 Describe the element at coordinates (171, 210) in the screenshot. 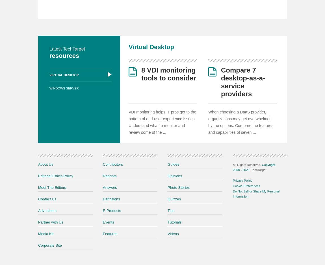

I see `'Tips'` at that location.